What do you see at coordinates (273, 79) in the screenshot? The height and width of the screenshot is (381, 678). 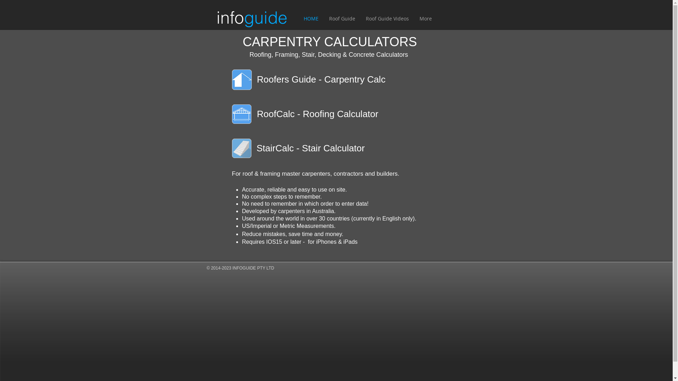 I see `'Roofers'` at bounding box center [273, 79].